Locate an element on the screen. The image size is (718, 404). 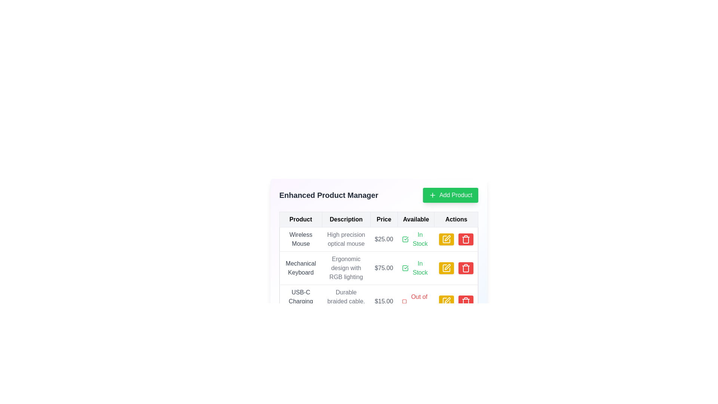
the central icon button in the 'Actions' column of the second row for the product 'Mechanical Keyboard' is located at coordinates (447, 268).